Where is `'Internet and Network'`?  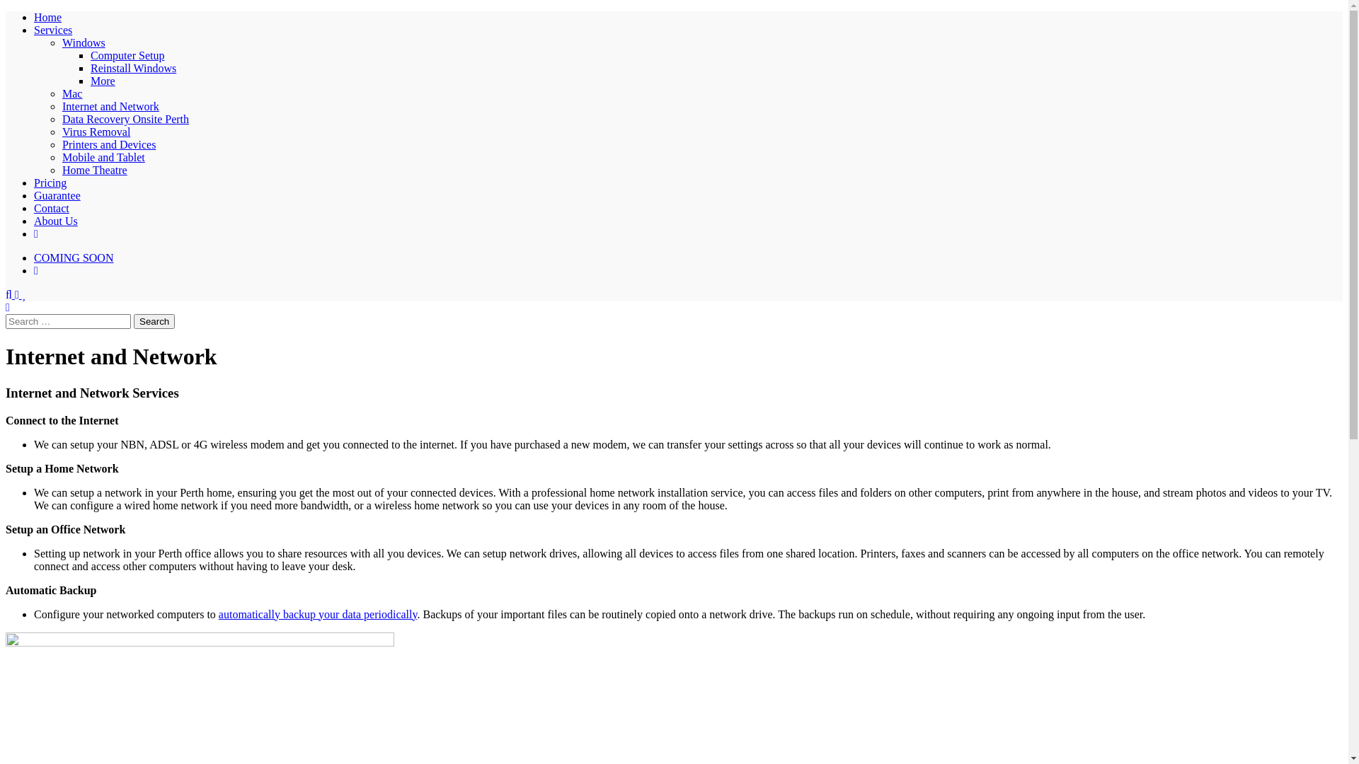
'Internet and Network' is located at coordinates (110, 105).